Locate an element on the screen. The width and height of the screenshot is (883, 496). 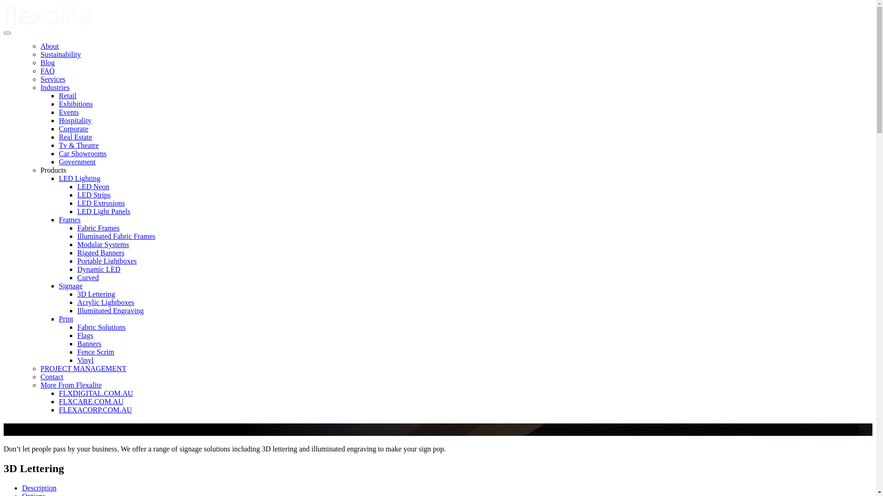
'Illuminated Fabric Frames' is located at coordinates (116, 236).